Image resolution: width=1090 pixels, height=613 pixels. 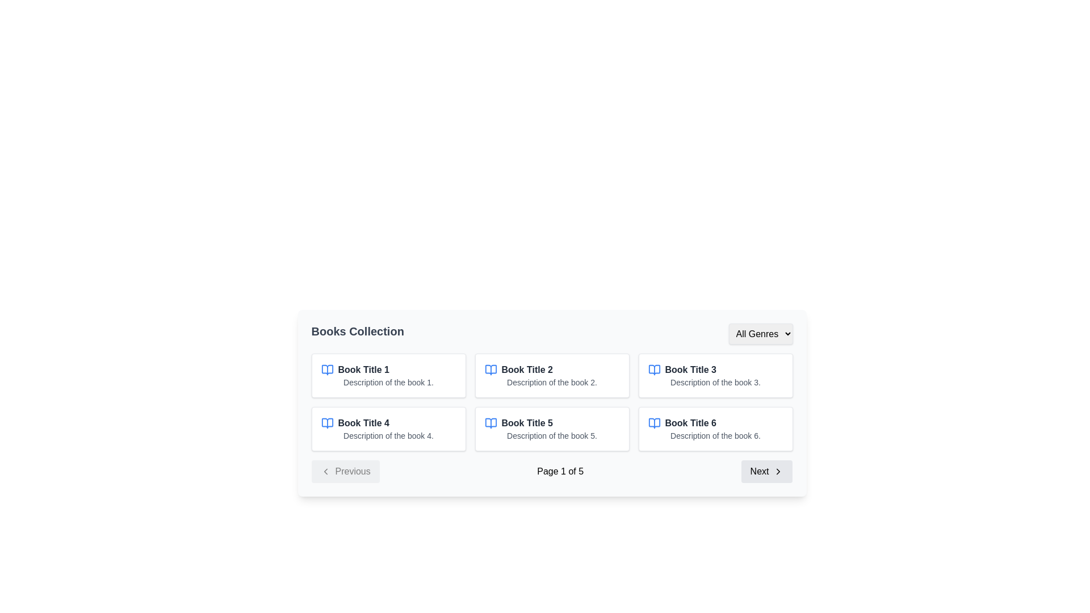 I want to click on the informational card representing 'Book Title 5', which is the fifth card in a 3x2 grid layout, located in the bottom row, second column, so click(x=552, y=429).